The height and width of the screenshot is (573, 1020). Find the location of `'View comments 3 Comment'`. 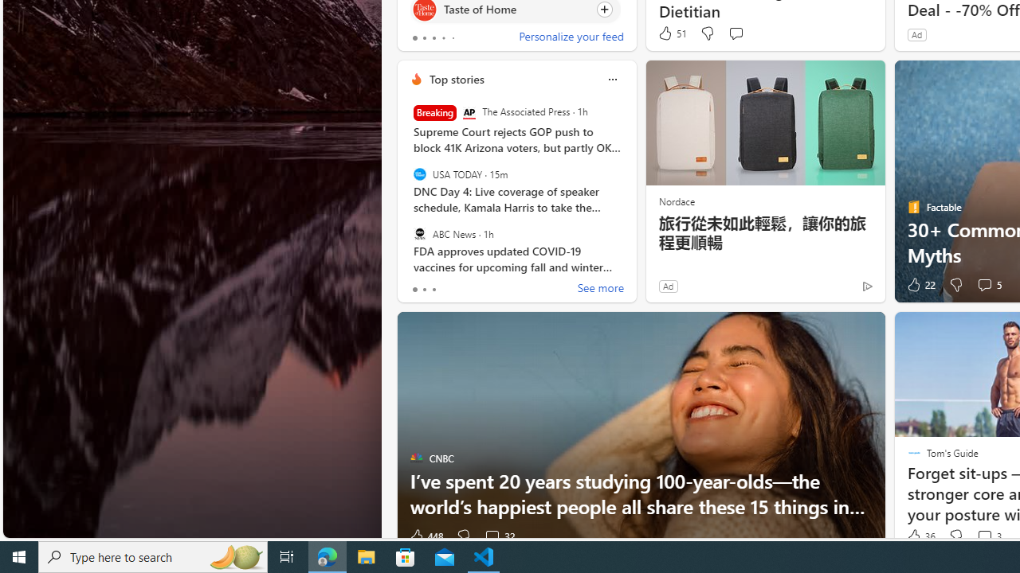

'View comments 3 Comment' is located at coordinates (983, 536).